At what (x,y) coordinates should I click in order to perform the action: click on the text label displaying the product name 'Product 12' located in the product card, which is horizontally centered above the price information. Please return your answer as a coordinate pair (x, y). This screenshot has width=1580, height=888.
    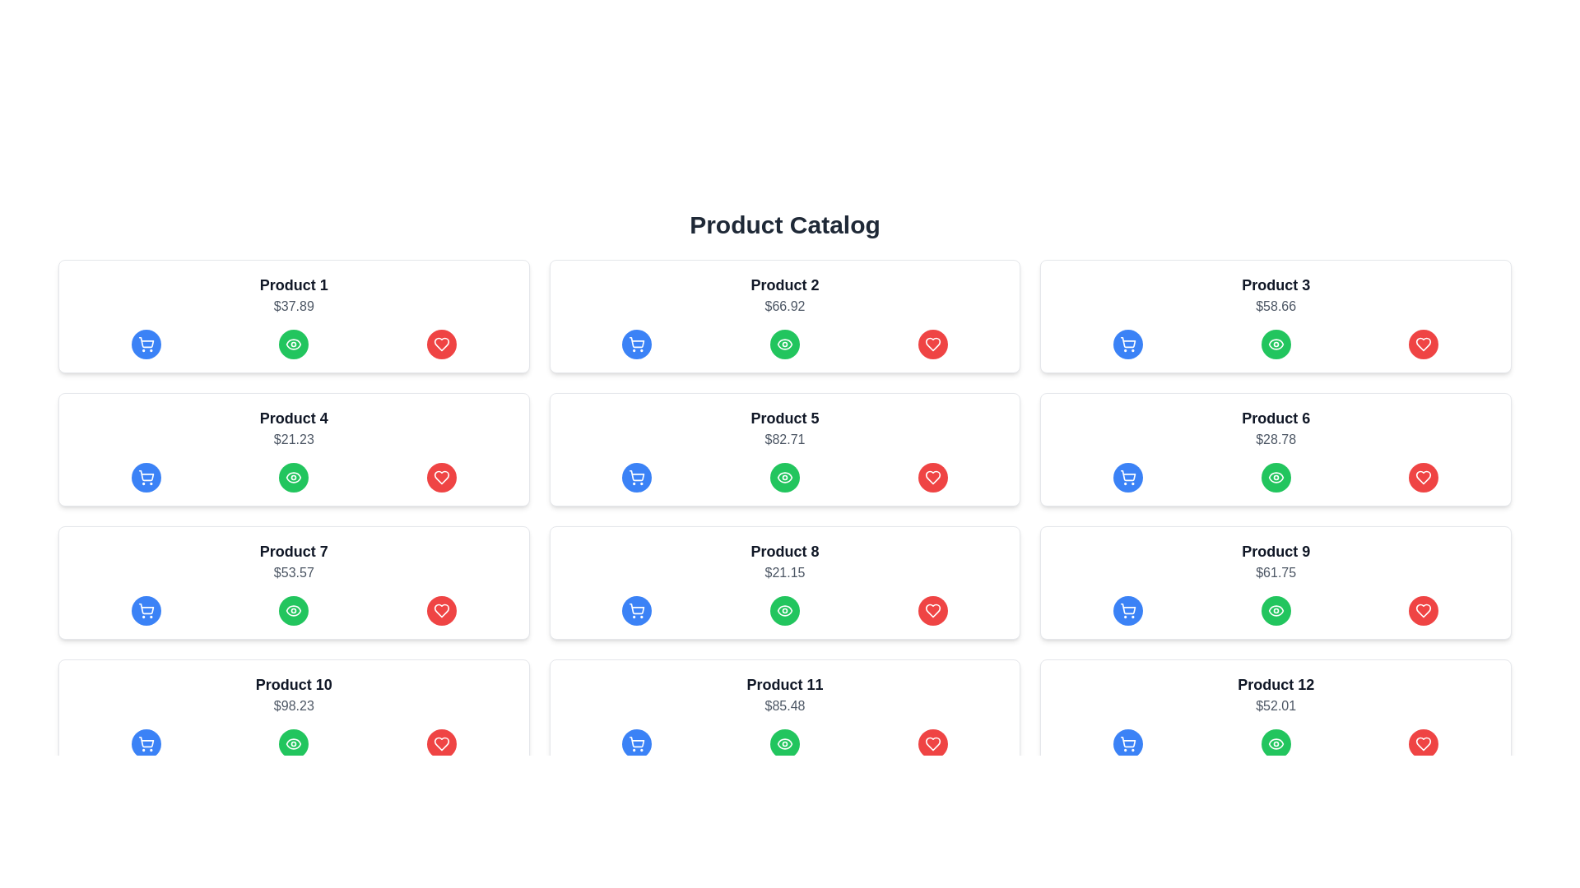
    Looking at the image, I should click on (1275, 685).